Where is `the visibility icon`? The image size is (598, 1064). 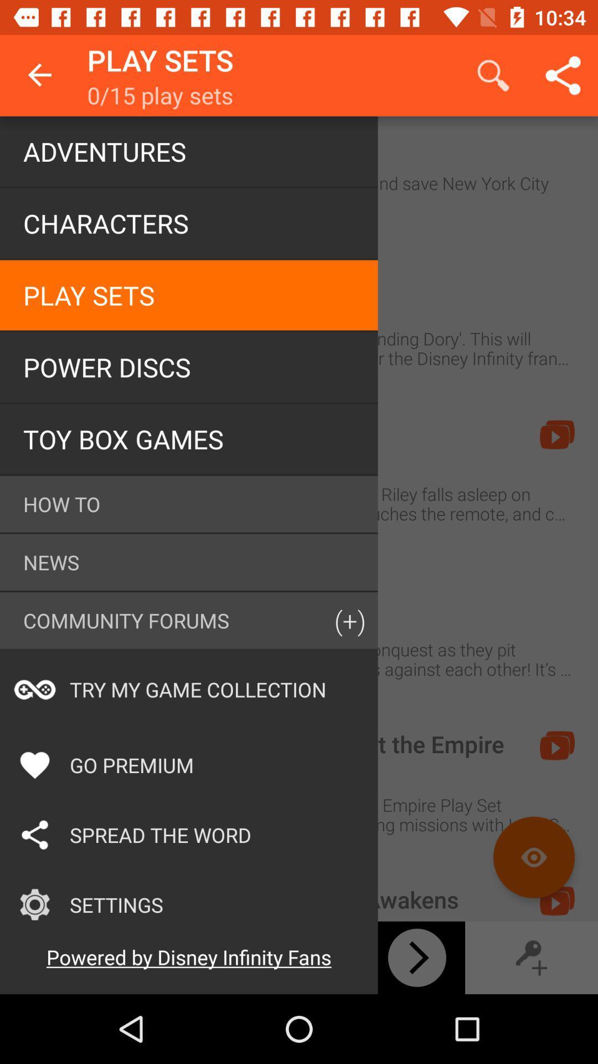 the visibility icon is located at coordinates (533, 857).